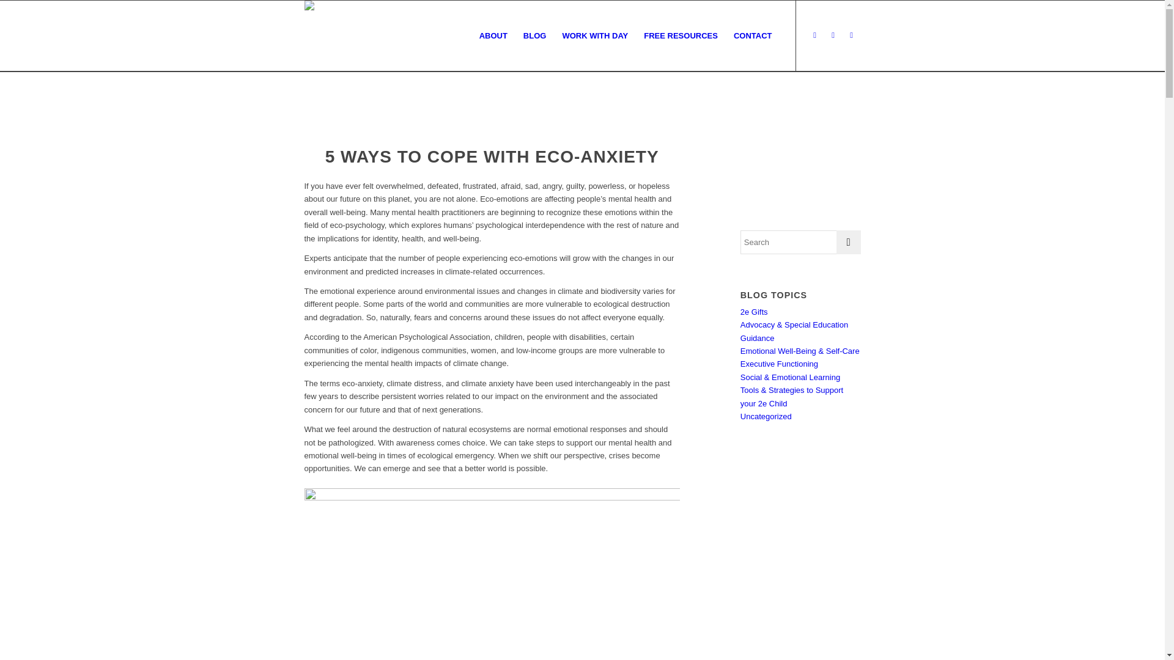 This screenshot has height=660, width=1174. Describe the element at coordinates (794, 331) in the screenshot. I see `'Advocacy & Special Education Guidance'` at that location.